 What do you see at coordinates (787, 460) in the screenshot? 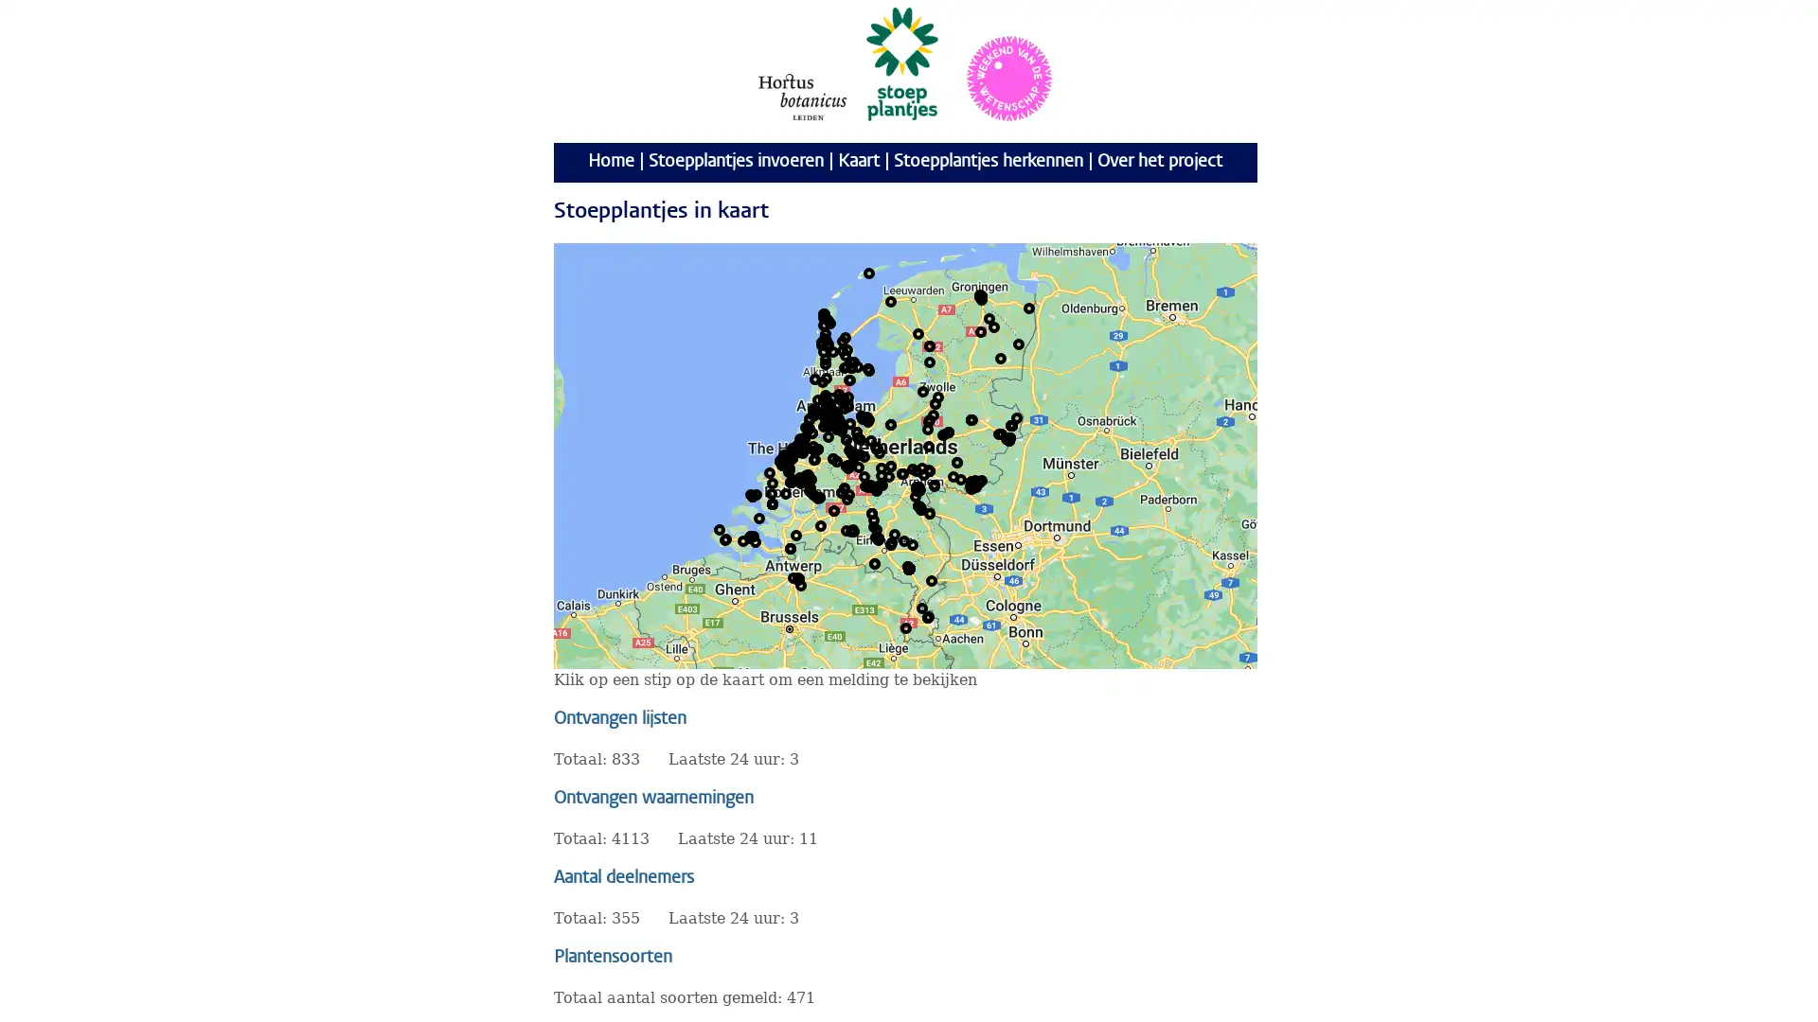
I see `Telling van Annemiek op 30 april 2022` at bounding box center [787, 460].